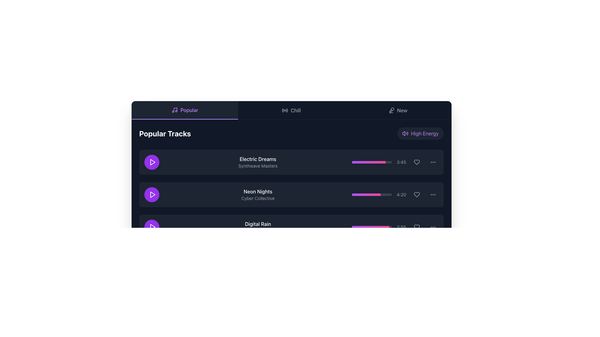 The height and width of the screenshot is (337, 600). What do you see at coordinates (402, 110) in the screenshot?
I see `the 'New' text label located in the top-right corner of the interface, part of the horizontal navigation bar, to the right of the paperclip icon` at bounding box center [402, 110].